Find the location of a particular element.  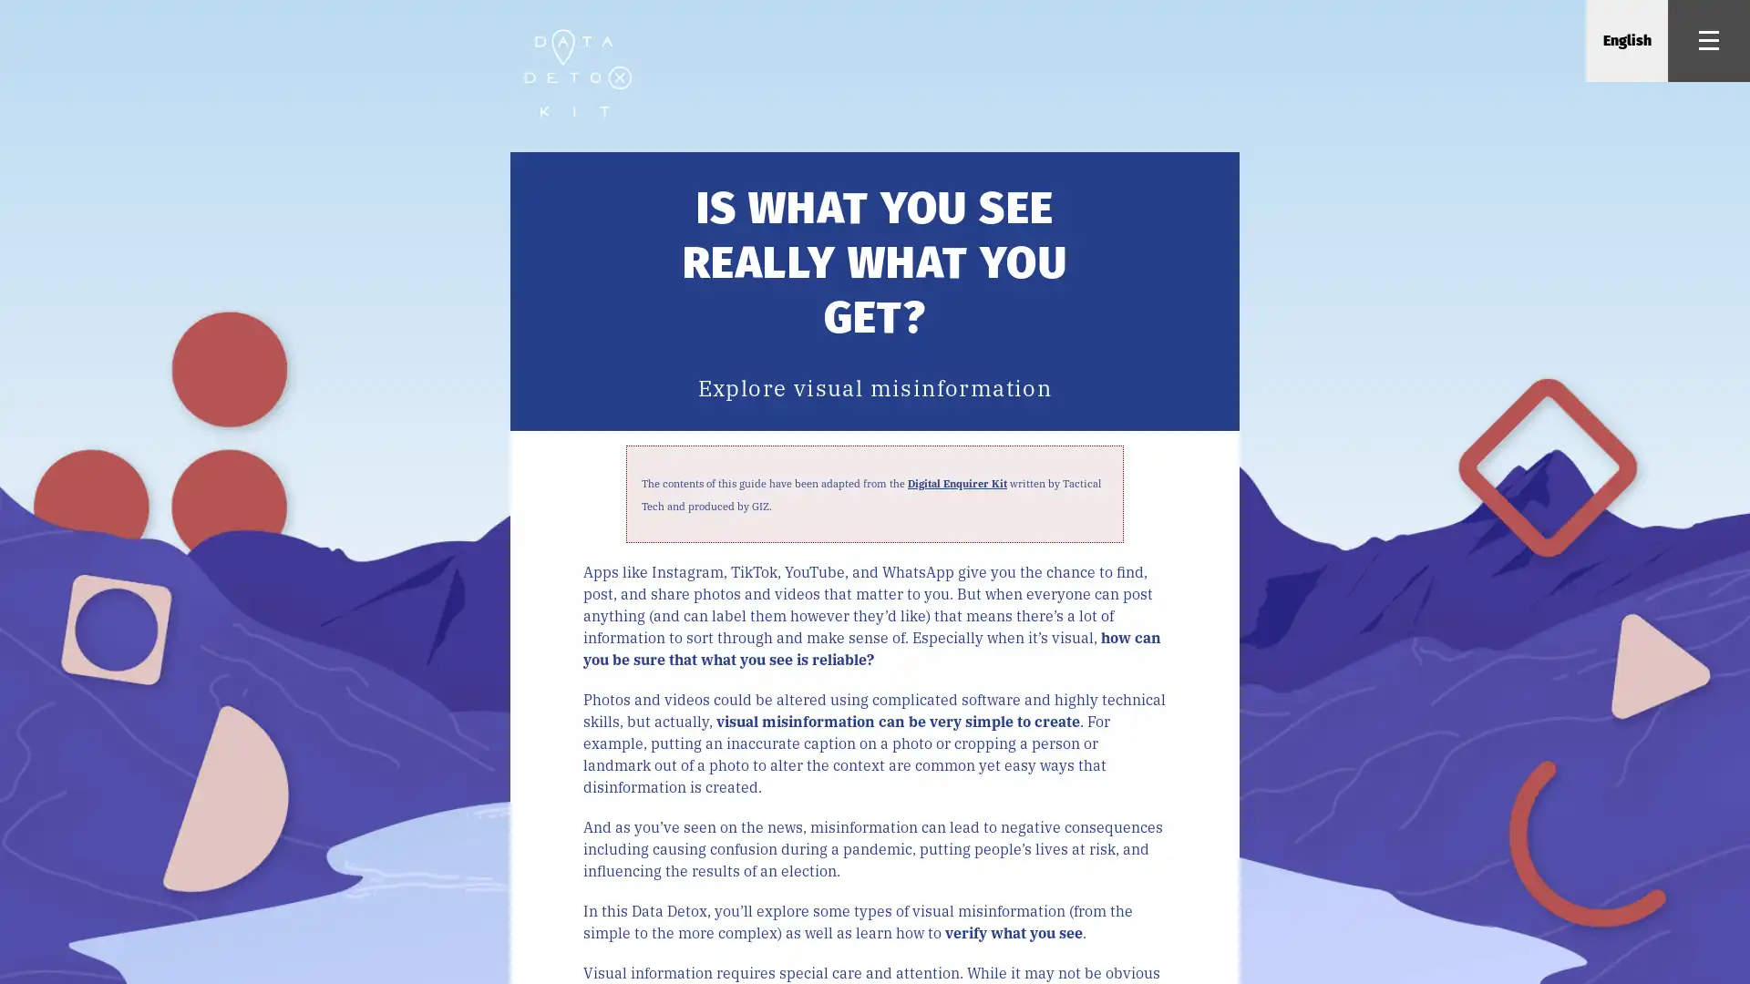

English is located at coordinates (1626, 41).